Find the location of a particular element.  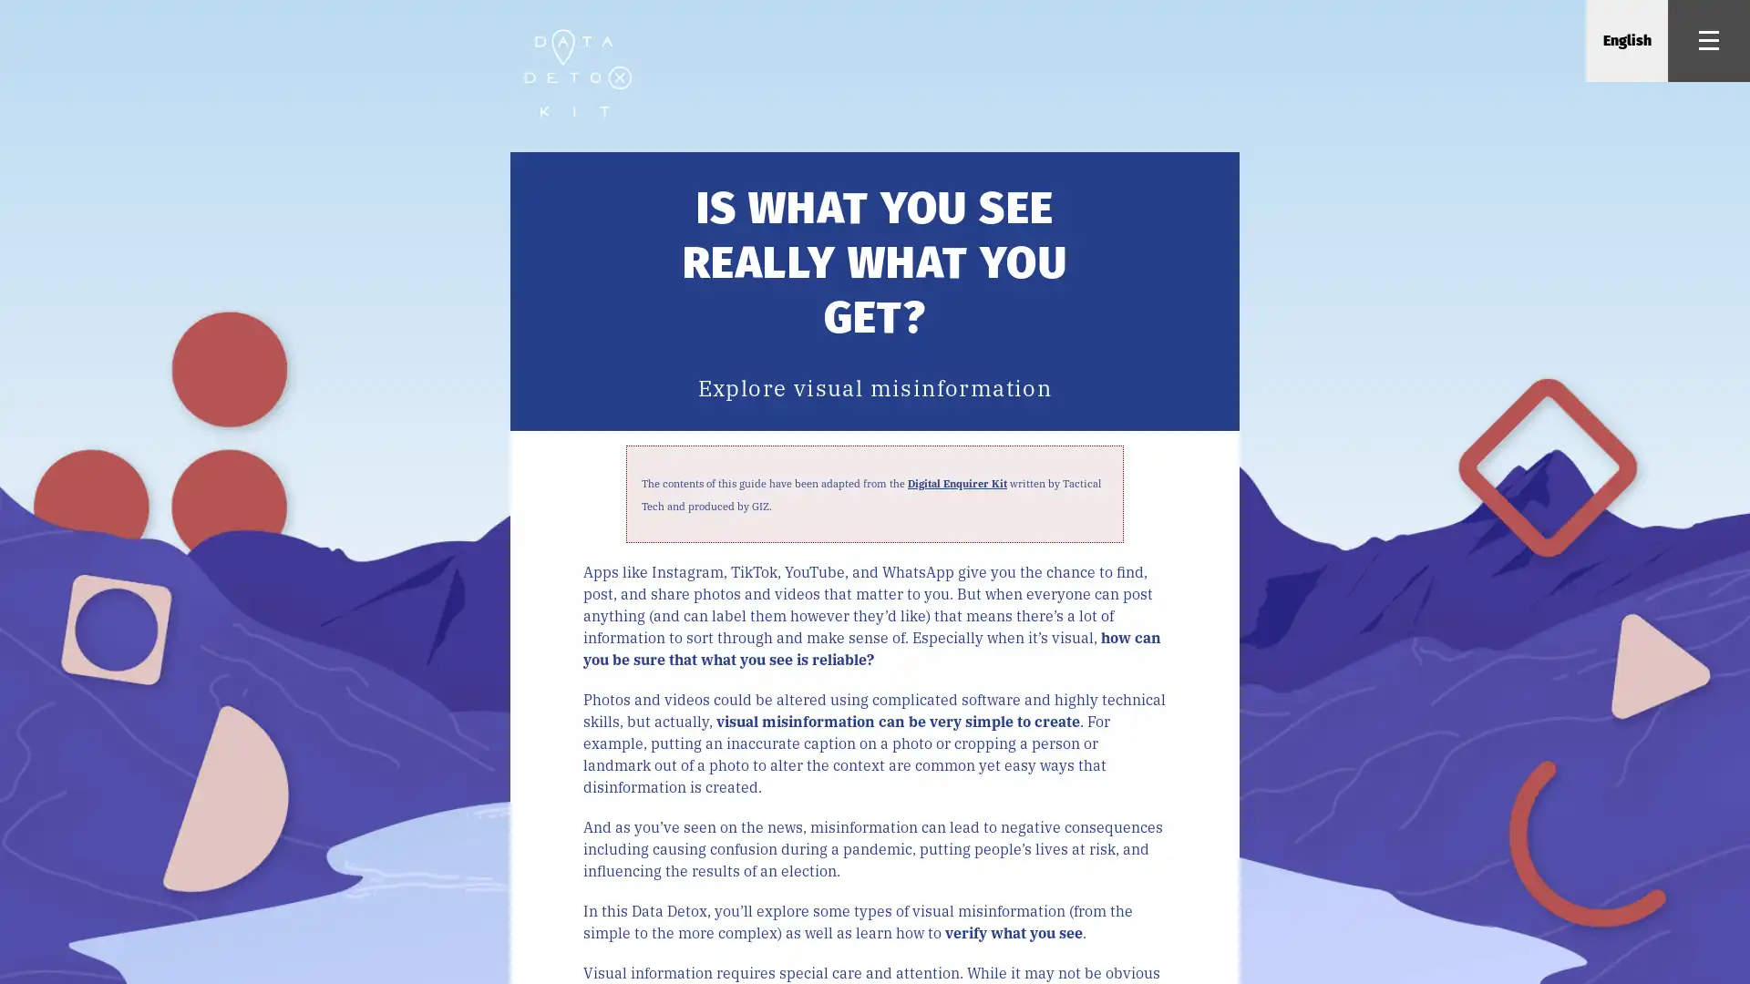

English is located at coordinates (1626, 41).